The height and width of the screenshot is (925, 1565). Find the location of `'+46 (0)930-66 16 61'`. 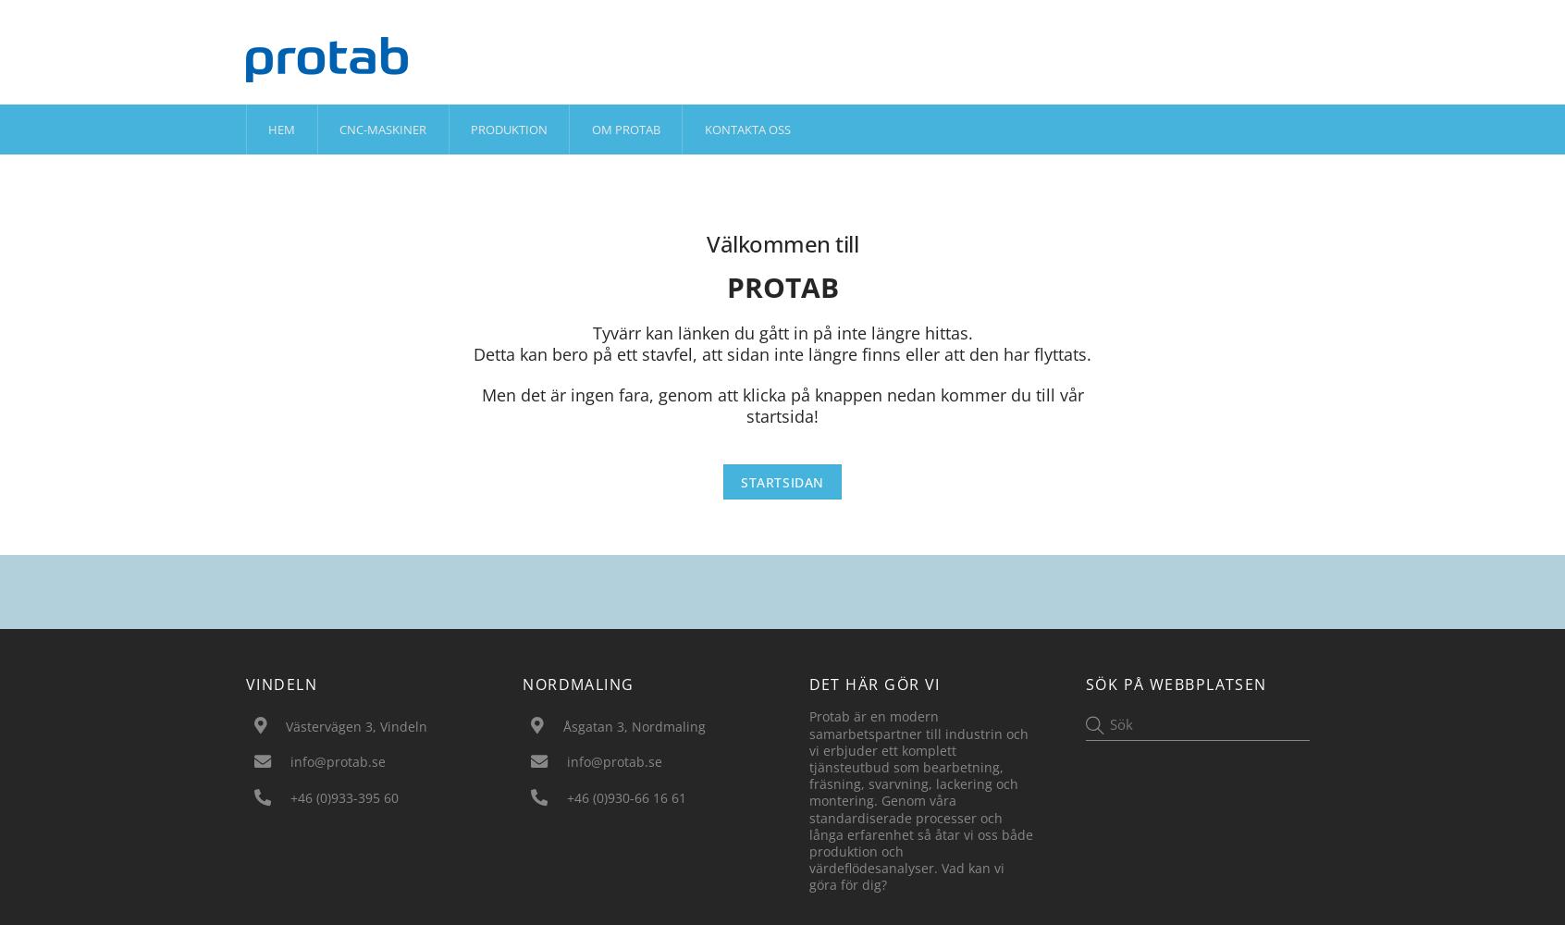

'+46 (0)930-66 16 61' is located at coordinates (626, 795).